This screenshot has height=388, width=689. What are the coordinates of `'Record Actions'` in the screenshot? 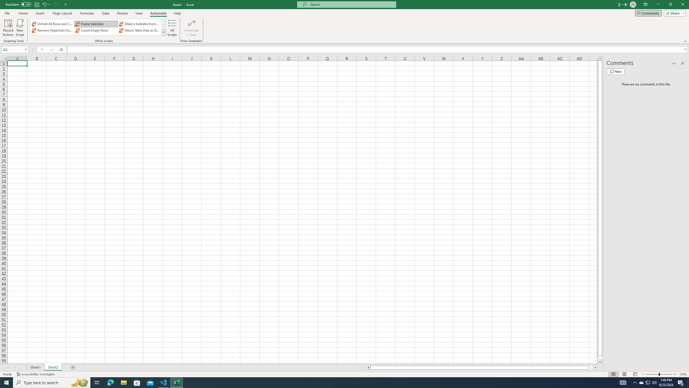 It's located at (8, 28).